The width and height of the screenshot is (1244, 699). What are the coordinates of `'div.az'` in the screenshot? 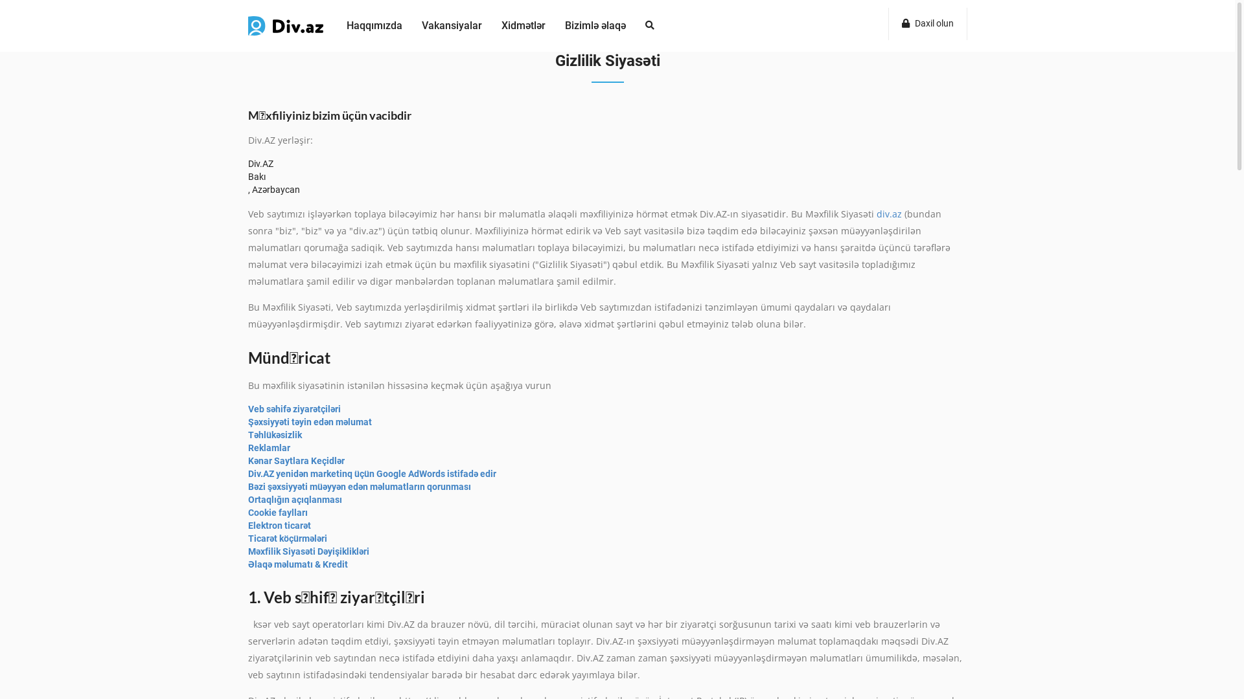 It's located at (877, 213).